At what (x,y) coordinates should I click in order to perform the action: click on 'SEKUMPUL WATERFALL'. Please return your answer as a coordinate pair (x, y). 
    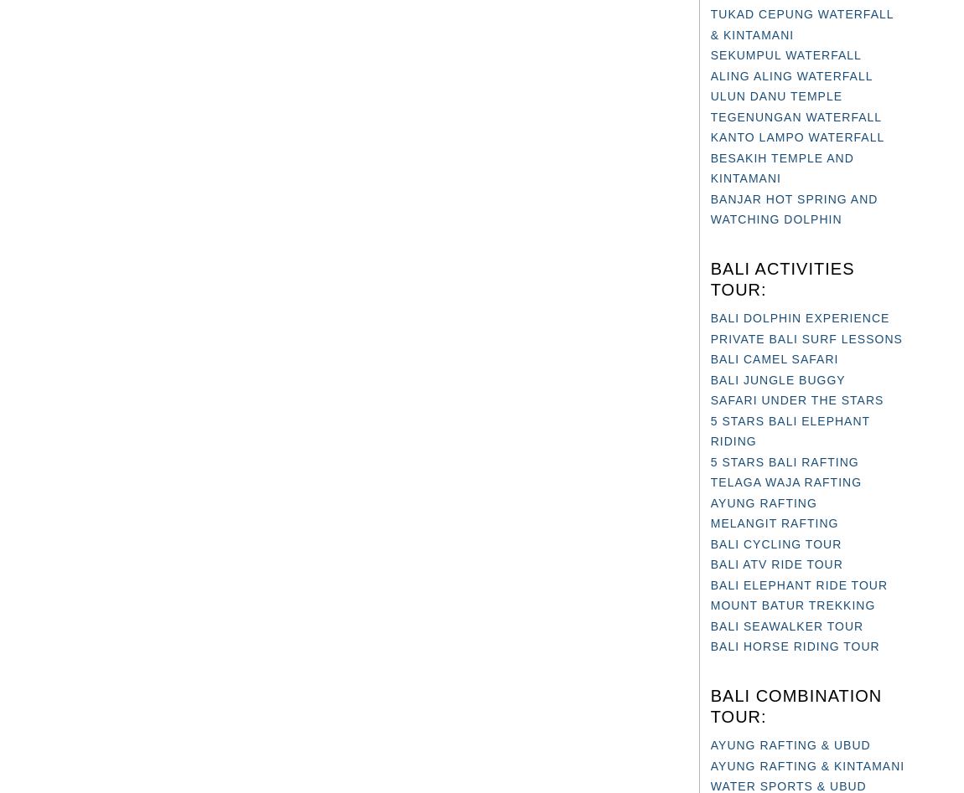
    Looking at the image, I should click on (785, 55).